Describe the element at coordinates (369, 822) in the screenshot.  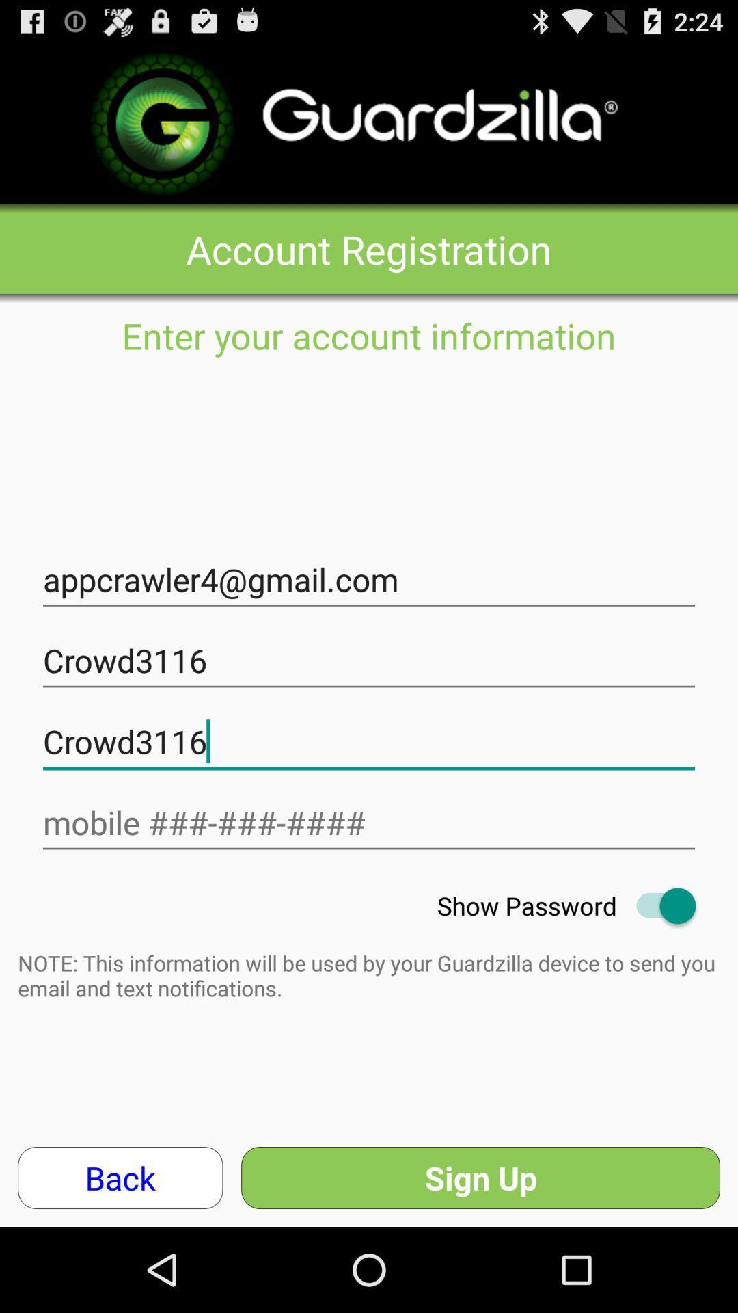
I see `text` at that location.